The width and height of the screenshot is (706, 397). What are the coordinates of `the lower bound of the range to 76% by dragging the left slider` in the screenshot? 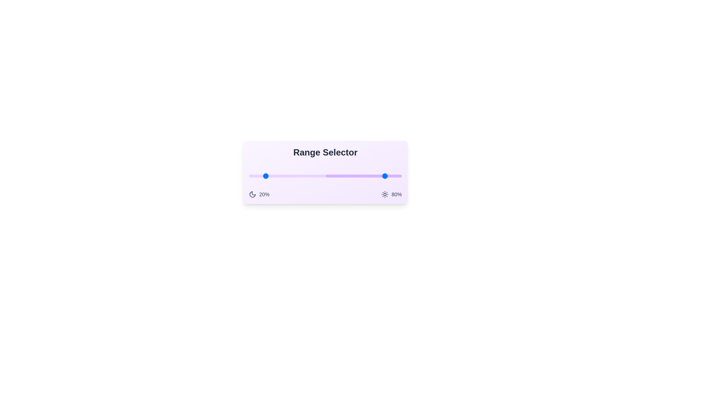 It's located at (307, 176).